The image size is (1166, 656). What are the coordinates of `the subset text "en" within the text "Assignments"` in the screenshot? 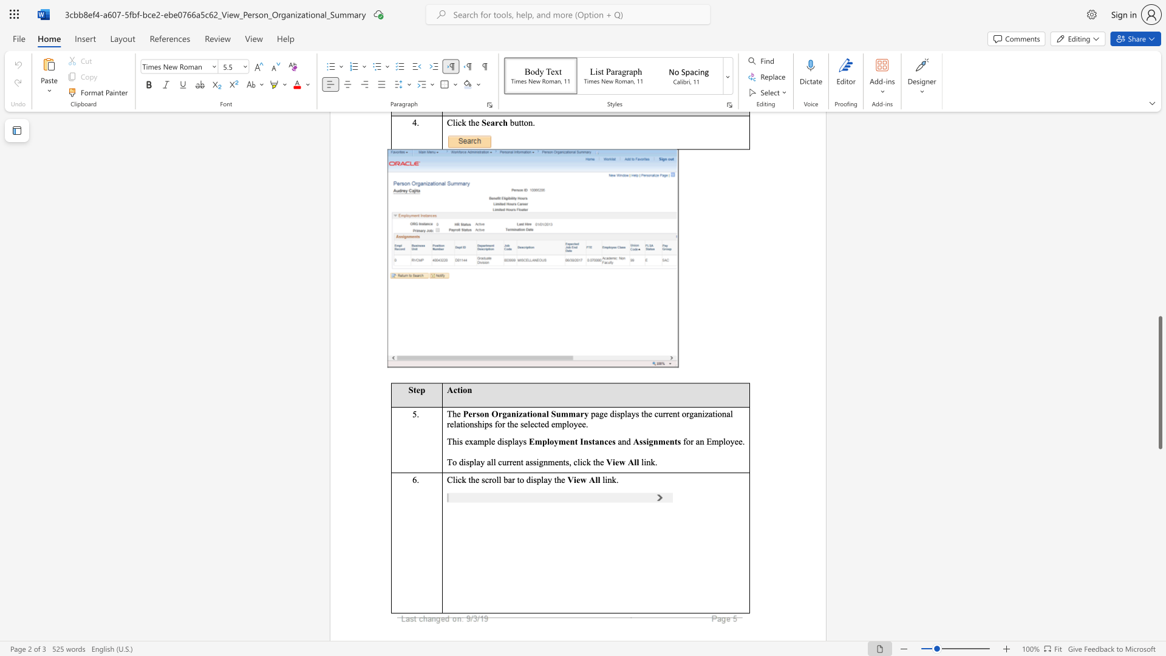 It's located at (665, 442).